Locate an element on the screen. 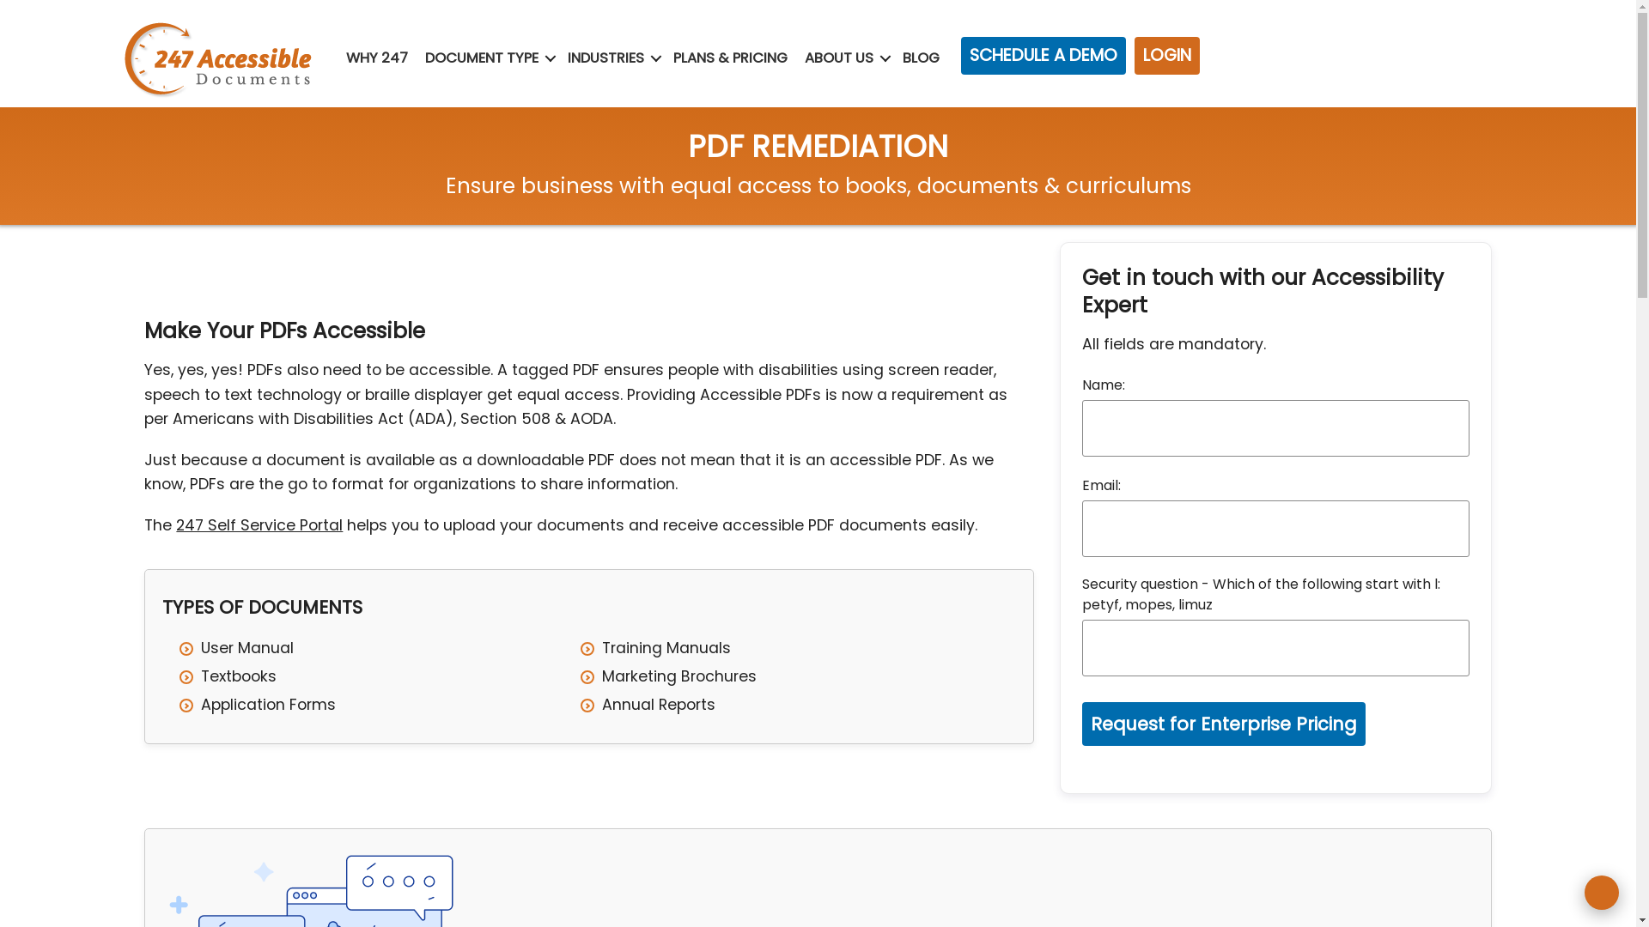  'DOCUMENT TYPE' is located at coordinates (481, 58).